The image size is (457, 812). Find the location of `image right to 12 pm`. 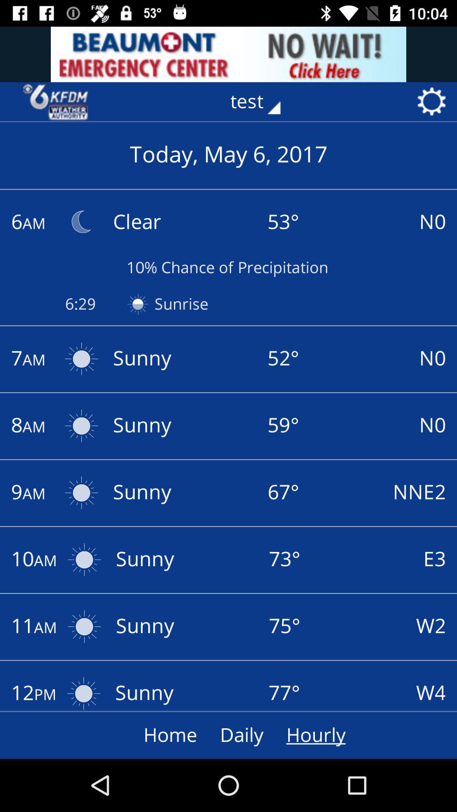

image right to 12 pm is located at coordinates (84, 691).